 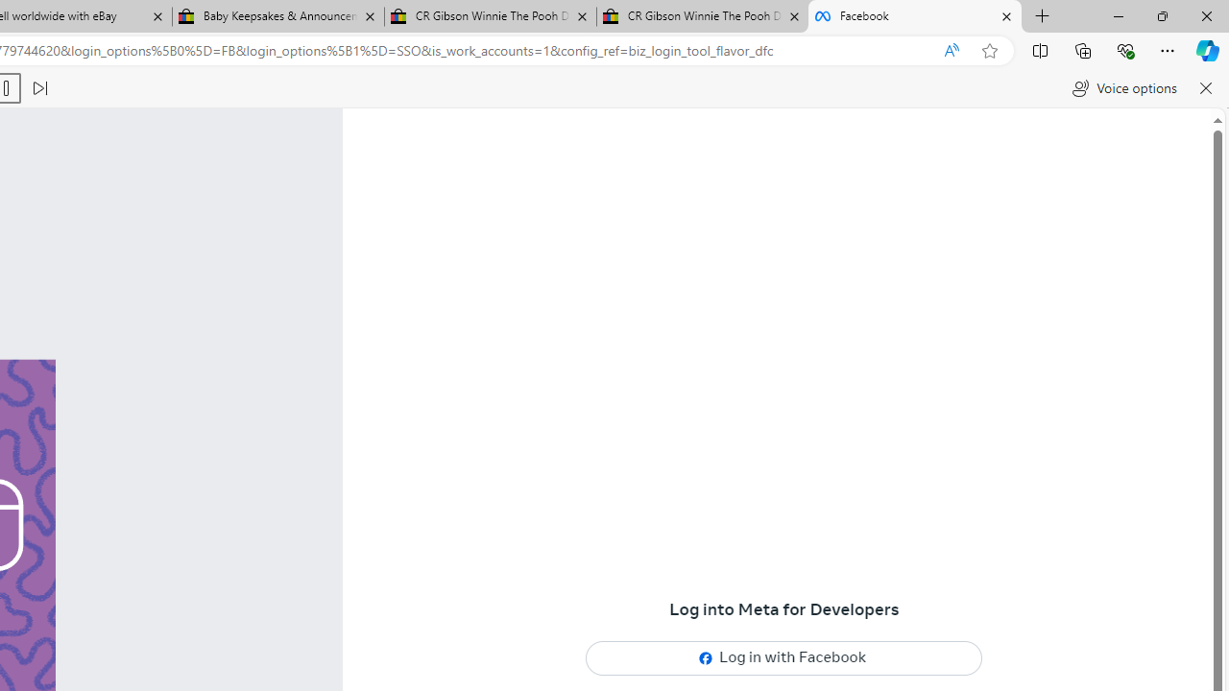 What do you see at coordinates (1204, 88) in the screenshot?
I see `'Close read aloud'` at bounding box center [1204, 88].